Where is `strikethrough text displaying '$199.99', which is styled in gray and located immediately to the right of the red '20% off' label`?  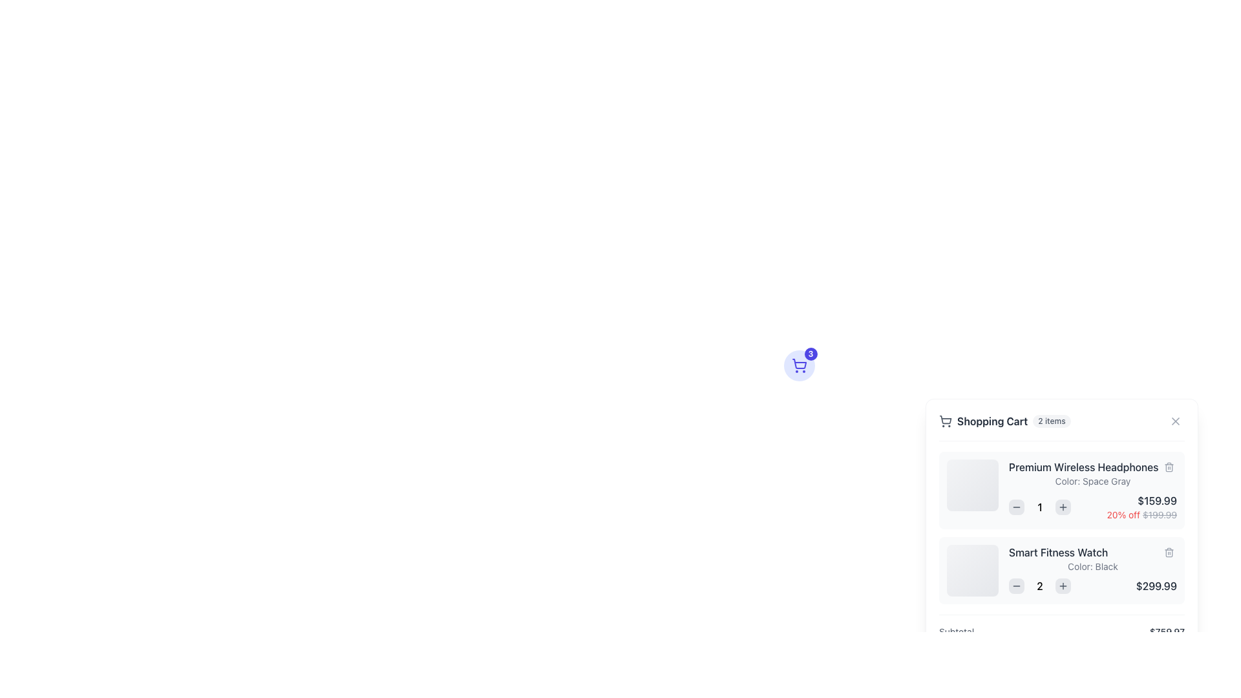 strikethrough text displaying '$199.99', which is styled in gray and located immediately to the right of the red '20% off' label is located at coordinates (1160, 514).